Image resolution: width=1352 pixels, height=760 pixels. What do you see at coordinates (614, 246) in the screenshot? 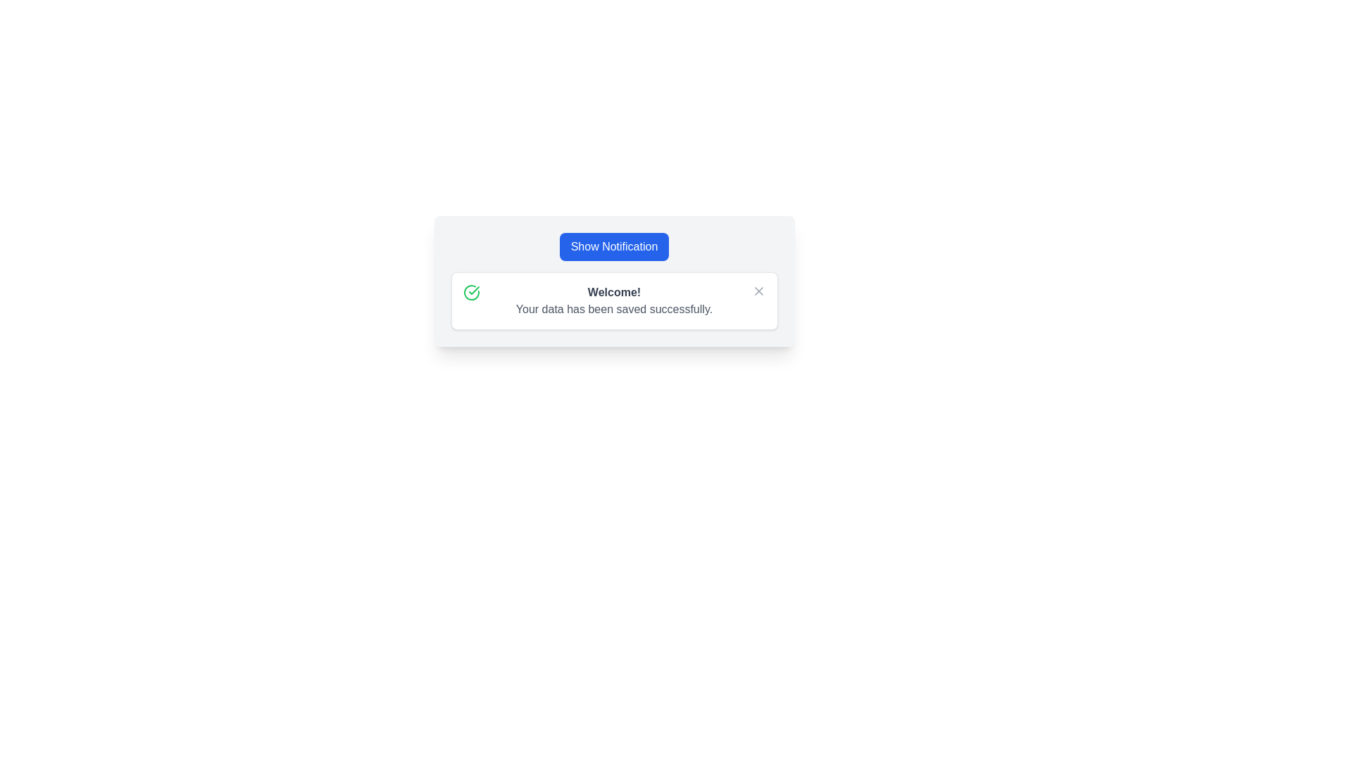
I see `the rectangular button labeled 'Show Notification' with a vibrant blue background` at bounding box center [614, 246].